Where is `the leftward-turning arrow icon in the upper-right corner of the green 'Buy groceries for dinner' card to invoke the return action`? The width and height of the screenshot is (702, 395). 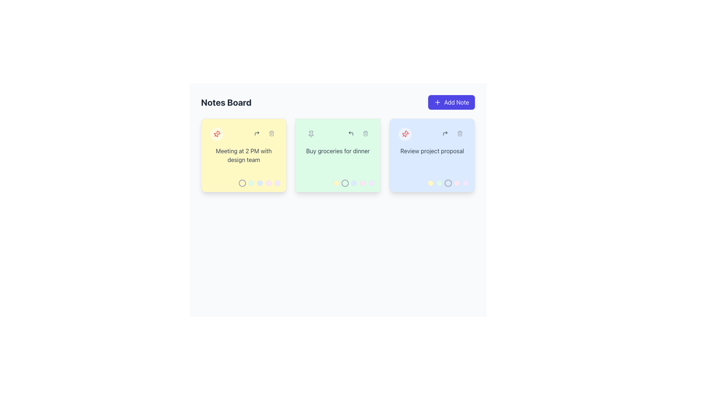
the leftward-turning arrow icon in the upper-right corner of the green 'Buy groceries for dinner' card to invoke the return action is located at coordinates (351, 133).